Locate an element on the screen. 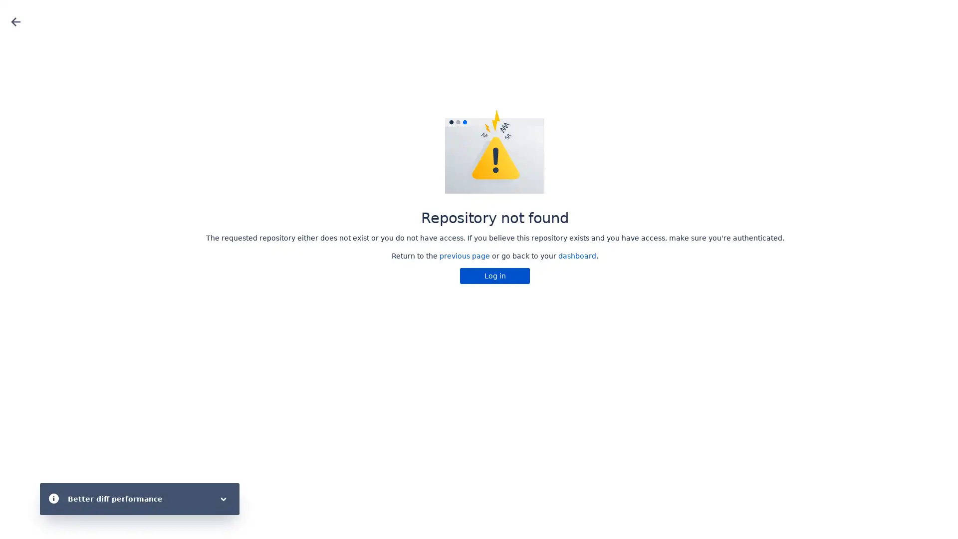  Toggle flag body is located at coordinates (223, 499).